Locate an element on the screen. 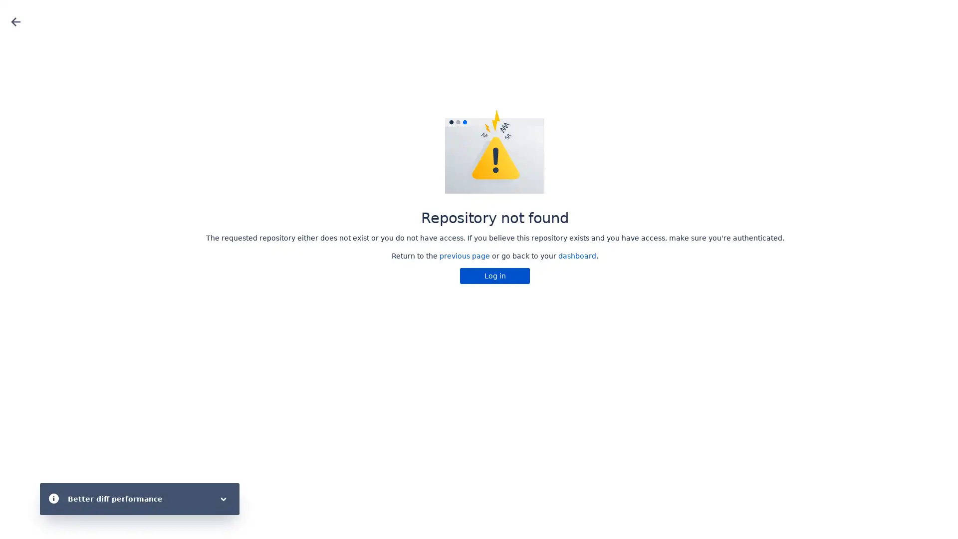  Toggle flag body is located at coordinates (223, 499).